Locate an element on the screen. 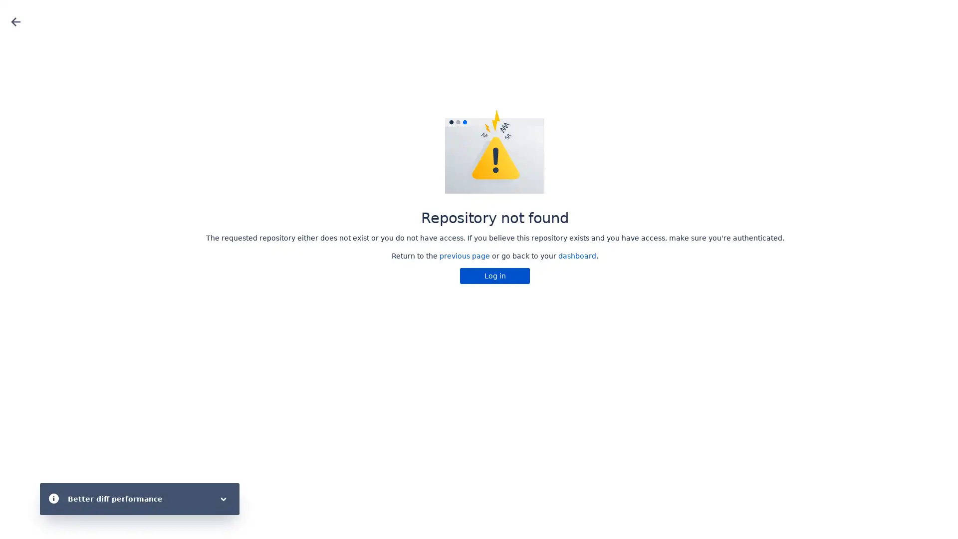  Toggle flag body is located at coordinates (223, 499).